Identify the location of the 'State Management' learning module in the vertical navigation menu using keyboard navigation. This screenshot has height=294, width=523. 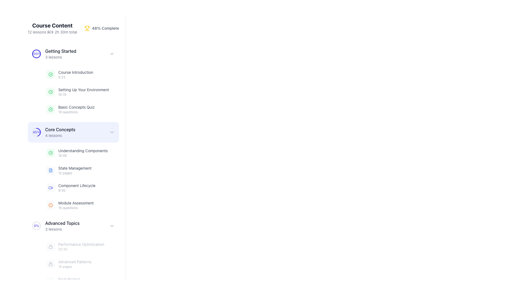
(73, 179).